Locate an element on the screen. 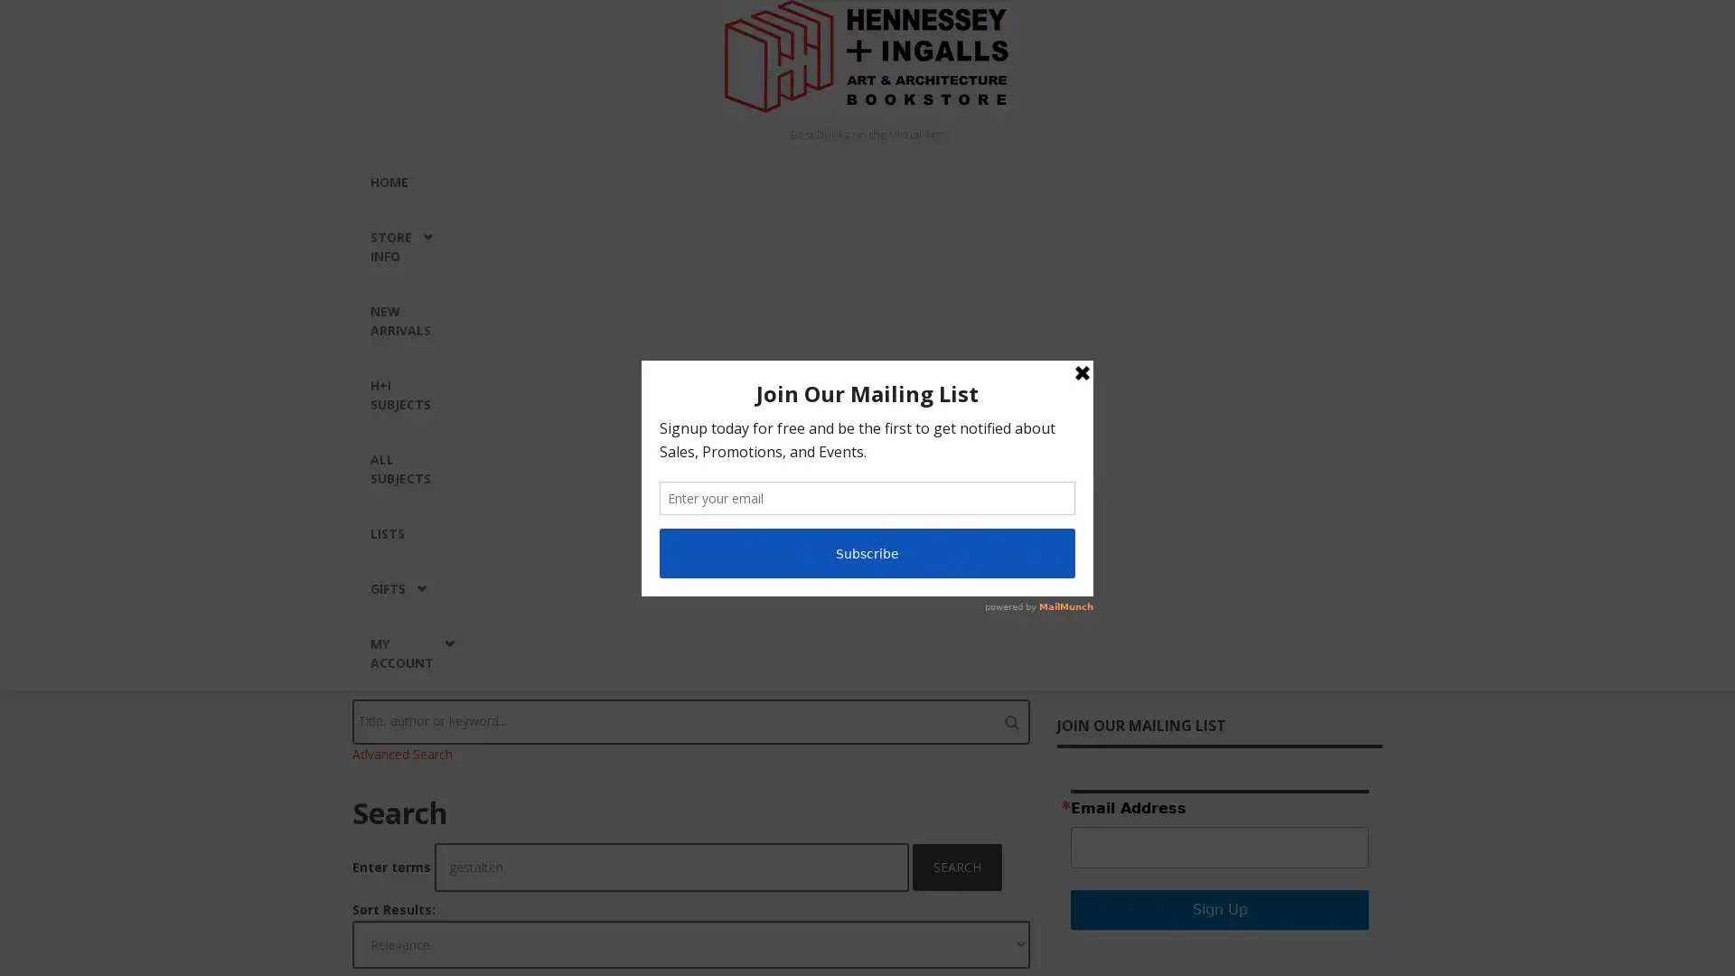 This screenshot has height=976, width=1735. search is located at coordinates (1010, 720).